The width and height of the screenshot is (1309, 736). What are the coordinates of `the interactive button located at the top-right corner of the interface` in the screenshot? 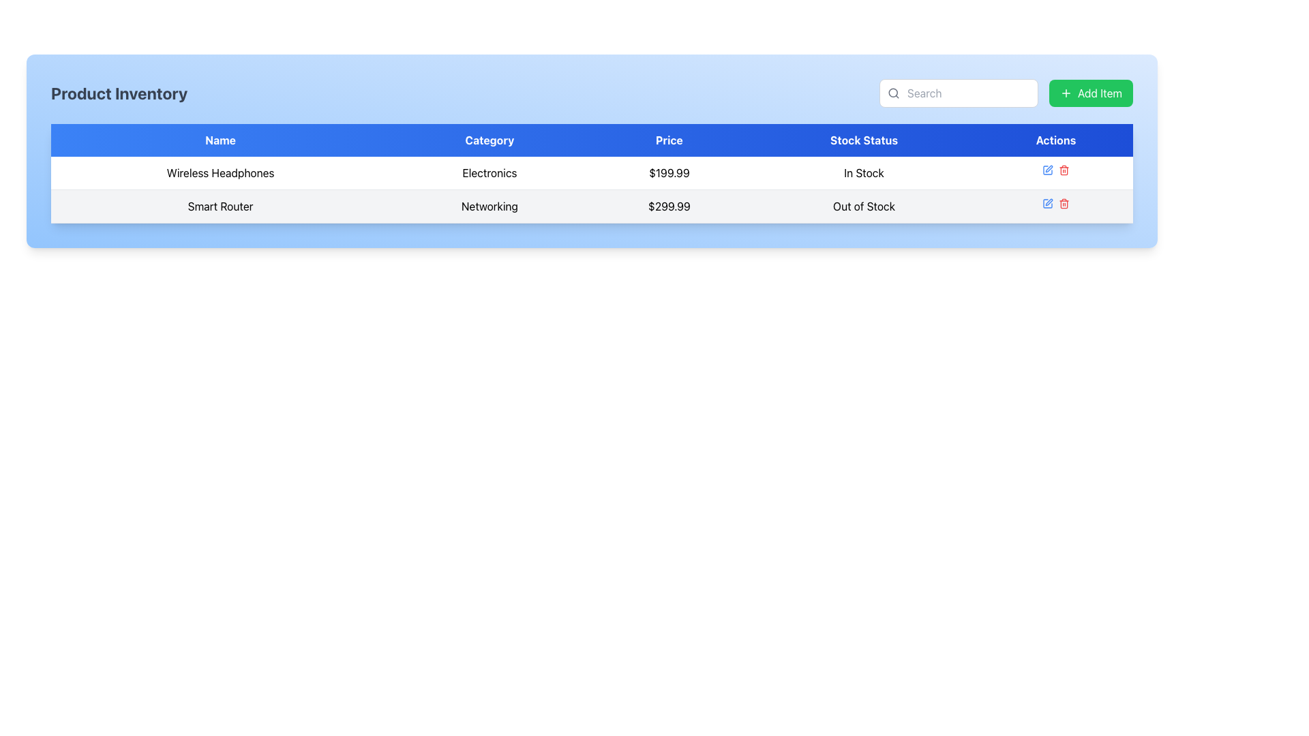 It's located at (1091, 93).